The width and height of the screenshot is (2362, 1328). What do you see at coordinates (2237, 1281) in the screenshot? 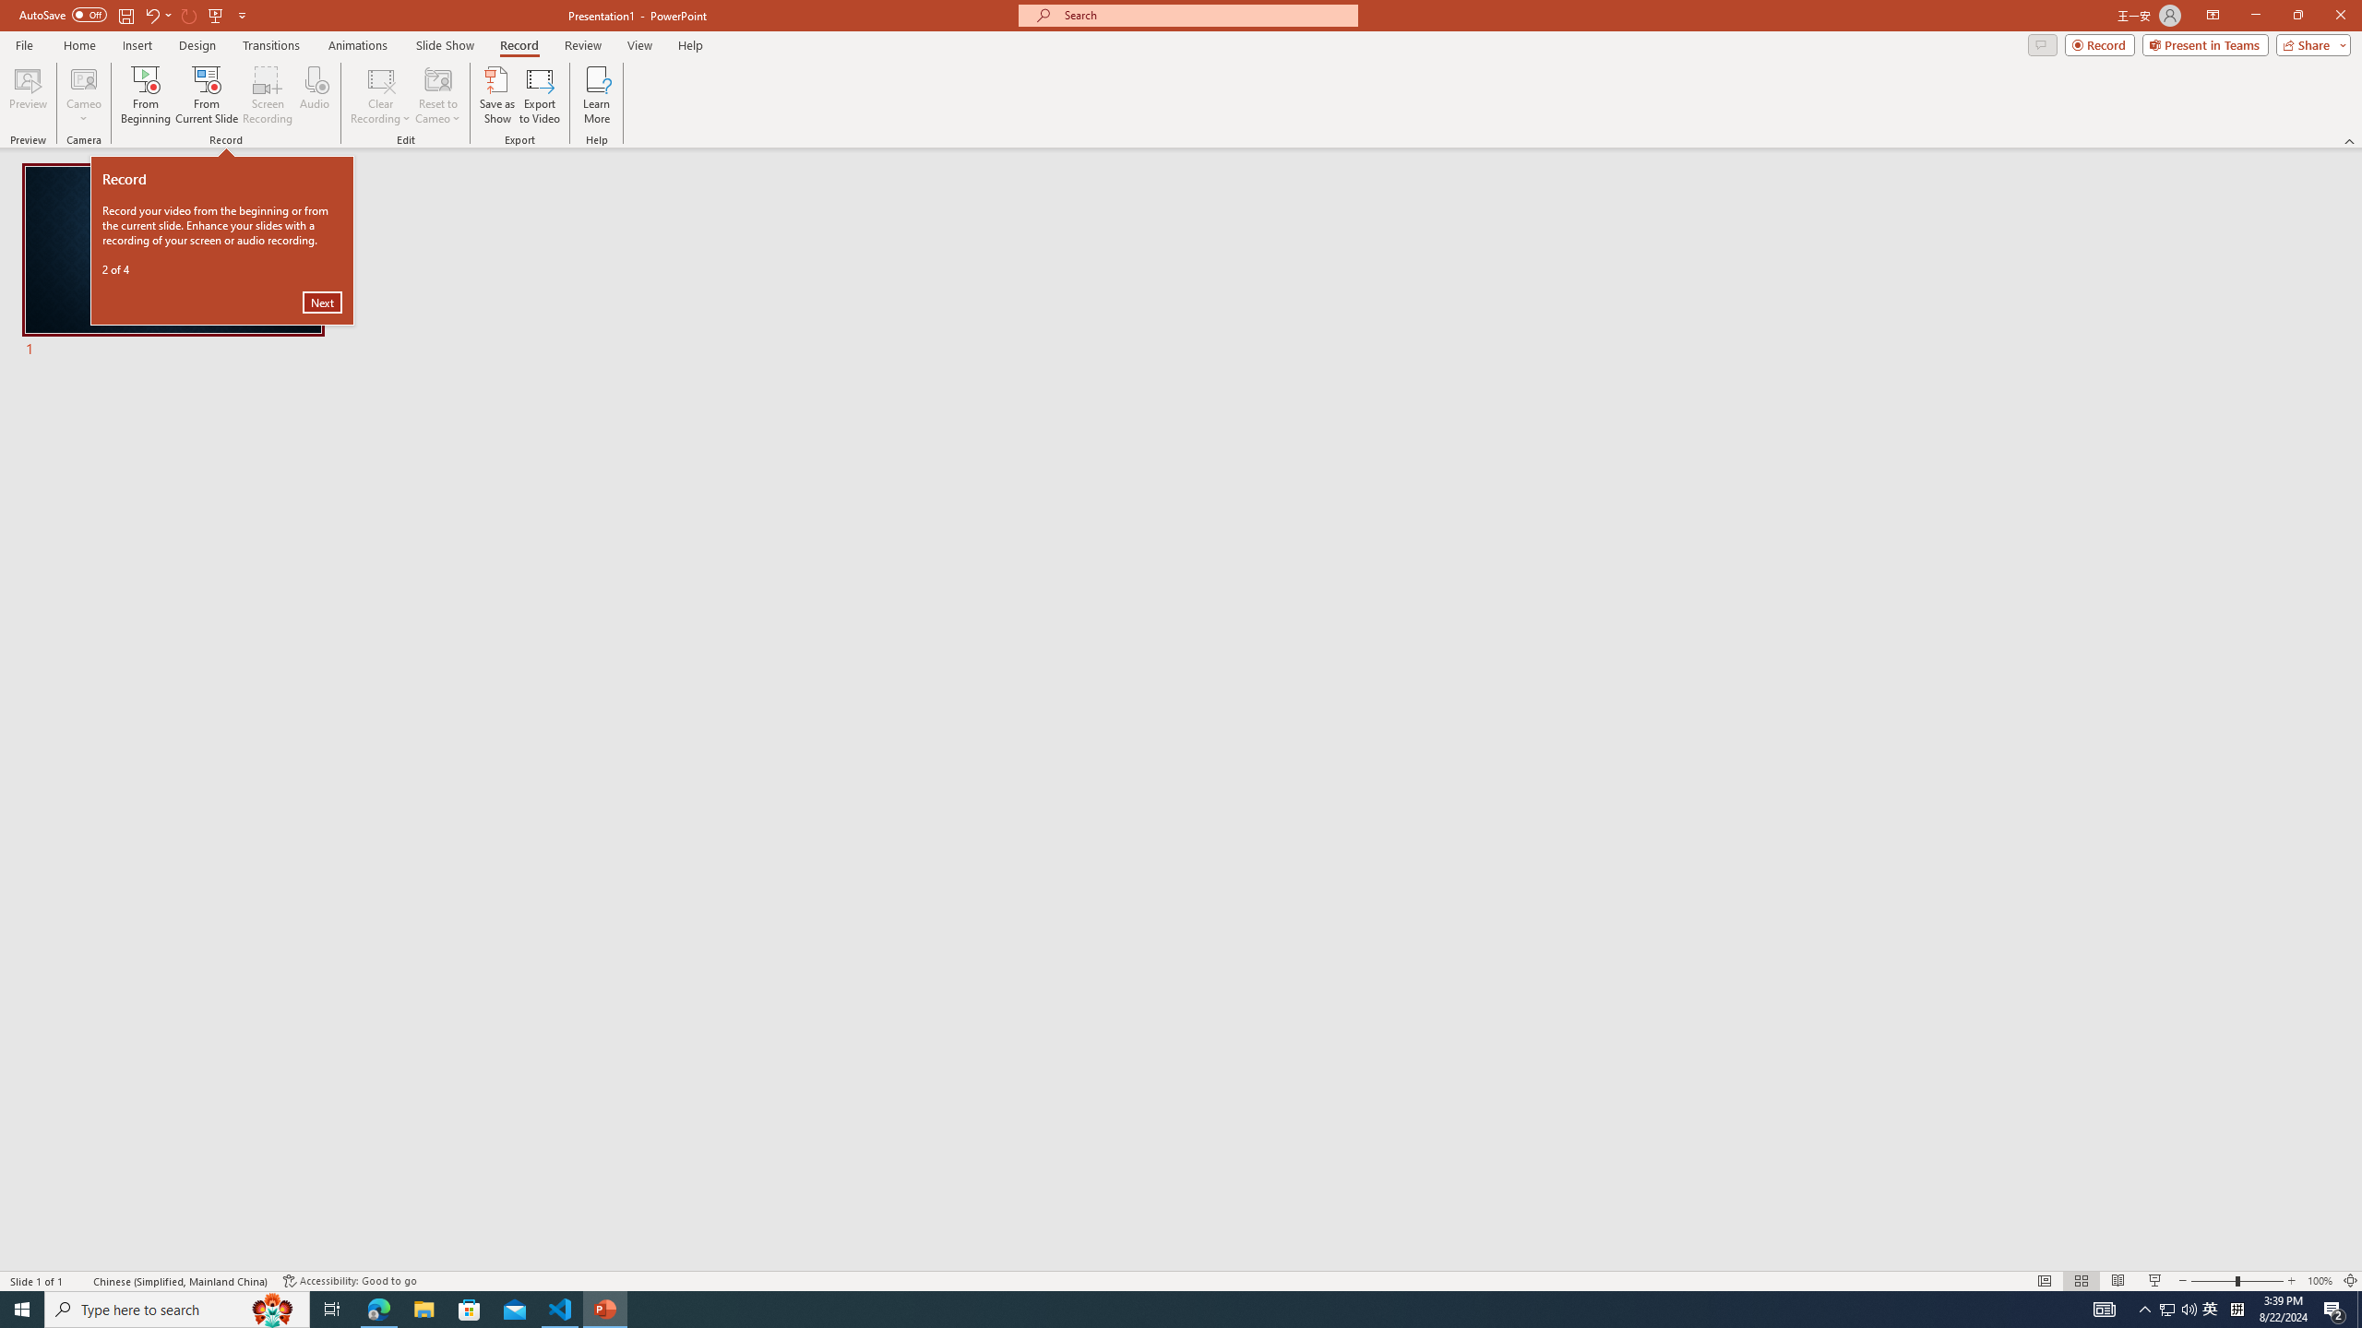
I see `'Zoom'` at bounding box center [2237, 1281].